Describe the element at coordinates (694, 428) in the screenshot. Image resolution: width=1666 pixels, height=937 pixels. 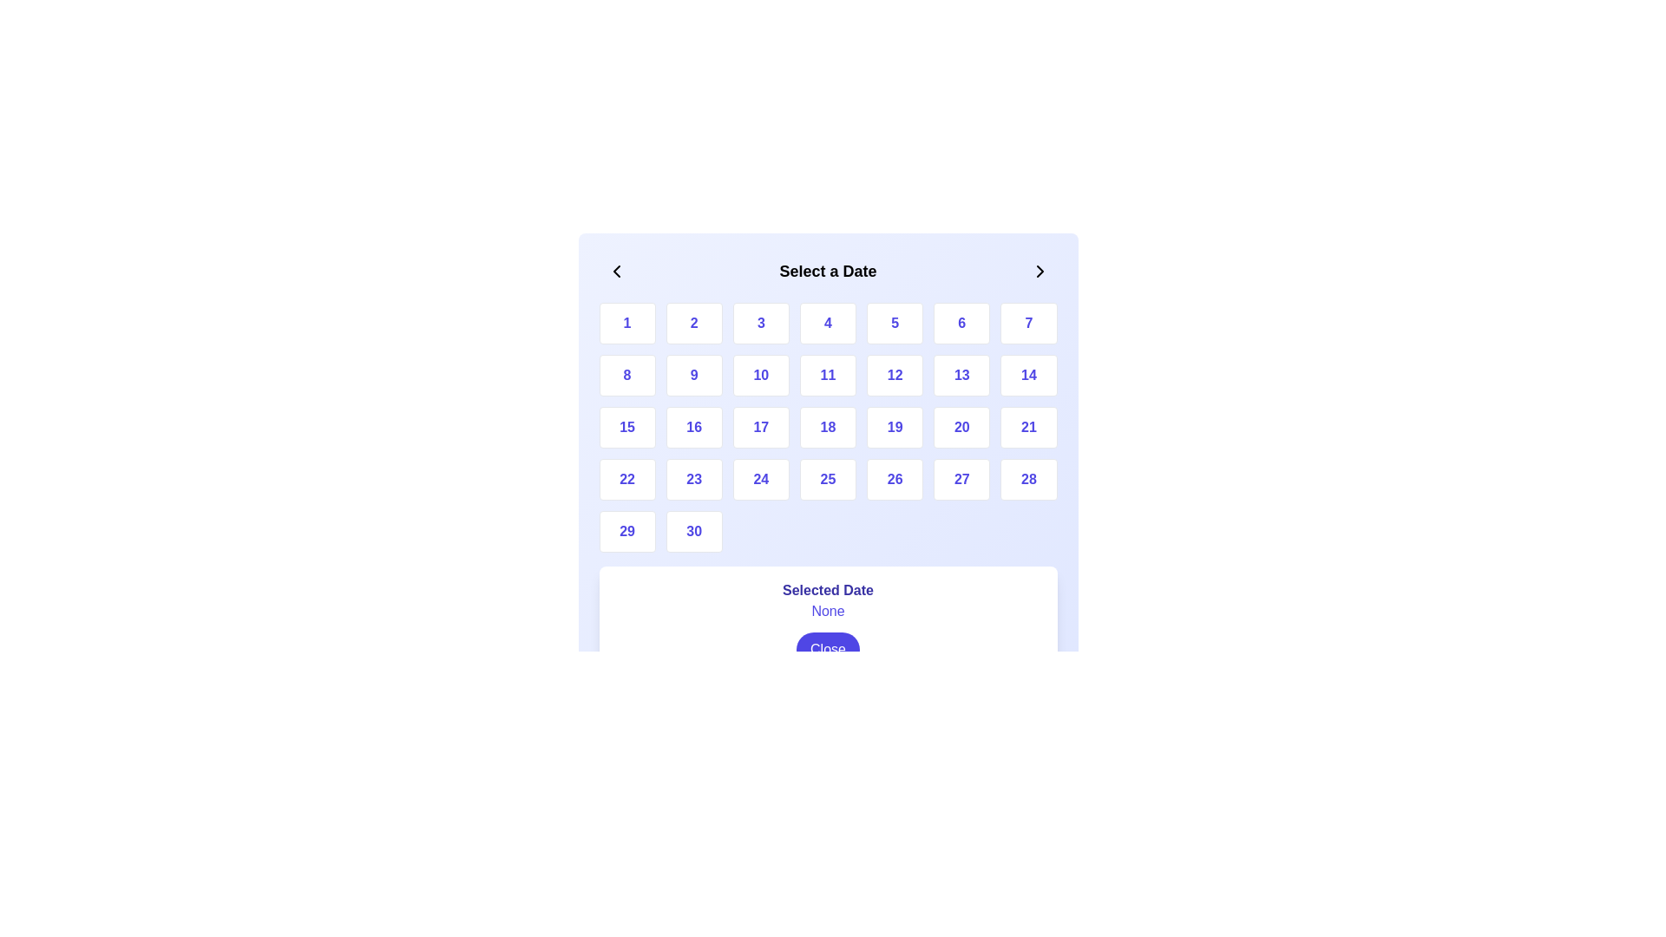
I see `the date selection button located in the third row and second column of the grid layout` at that location.